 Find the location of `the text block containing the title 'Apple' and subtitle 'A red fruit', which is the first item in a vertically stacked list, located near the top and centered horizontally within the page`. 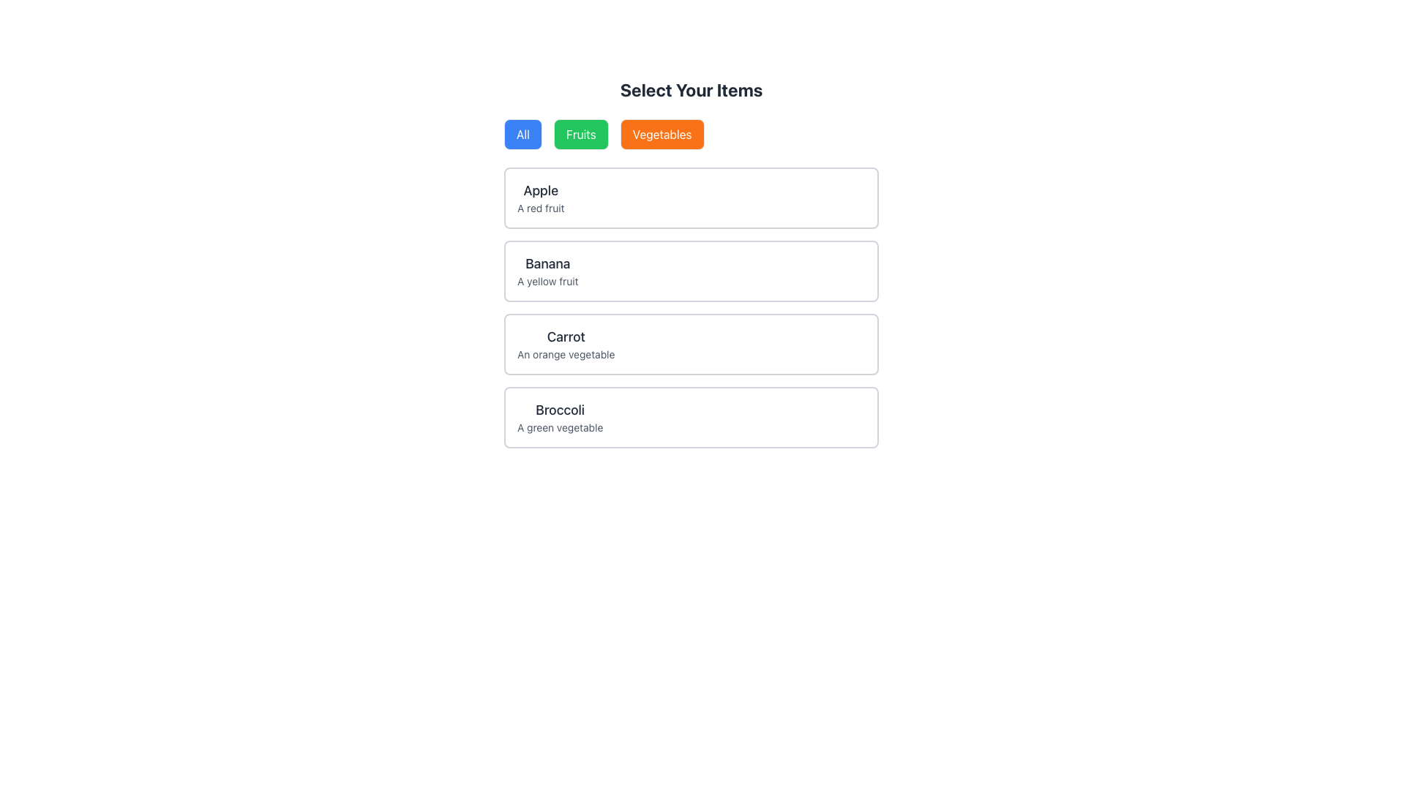

the text block containing the title 'Apple' and subtitle 'A red fruit', which is the first item in a vertically stacked list, located near the top and centered horizontally within the page is located at coordinates (540, 197).